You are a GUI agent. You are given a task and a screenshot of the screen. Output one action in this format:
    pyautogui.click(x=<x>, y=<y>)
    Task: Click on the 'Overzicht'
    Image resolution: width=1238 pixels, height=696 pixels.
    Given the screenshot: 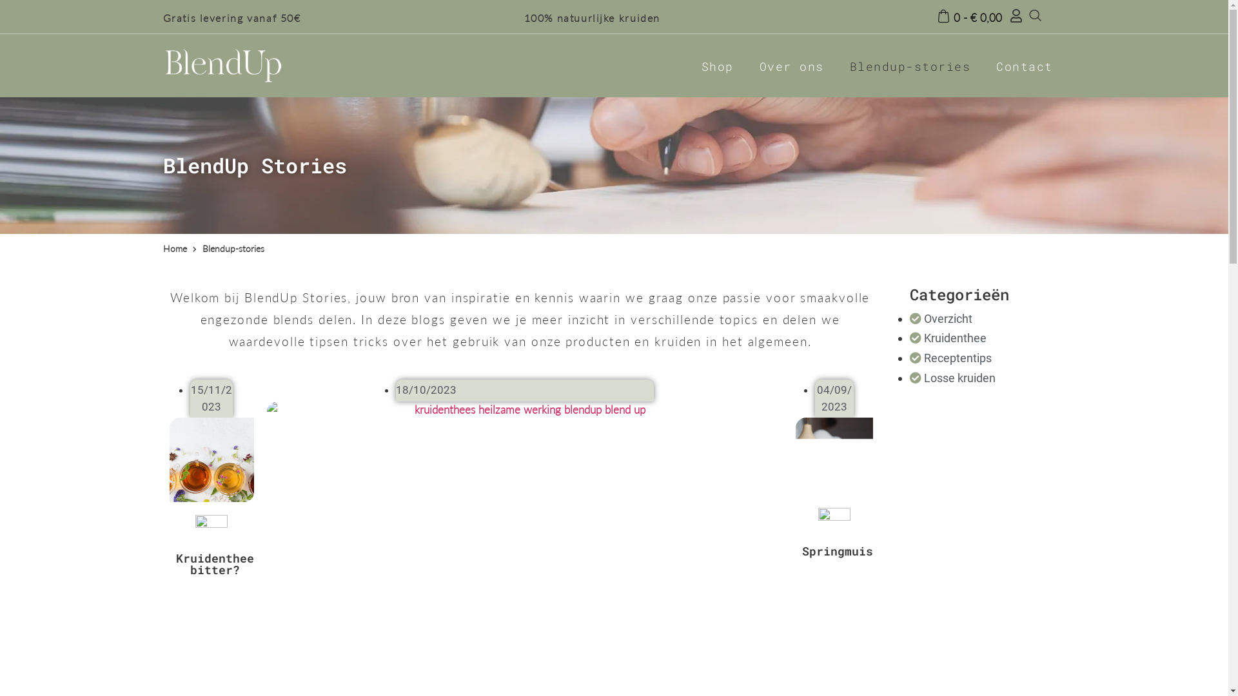 What is the action you would take?
    pyautogui.click(x=941, y=318)
    